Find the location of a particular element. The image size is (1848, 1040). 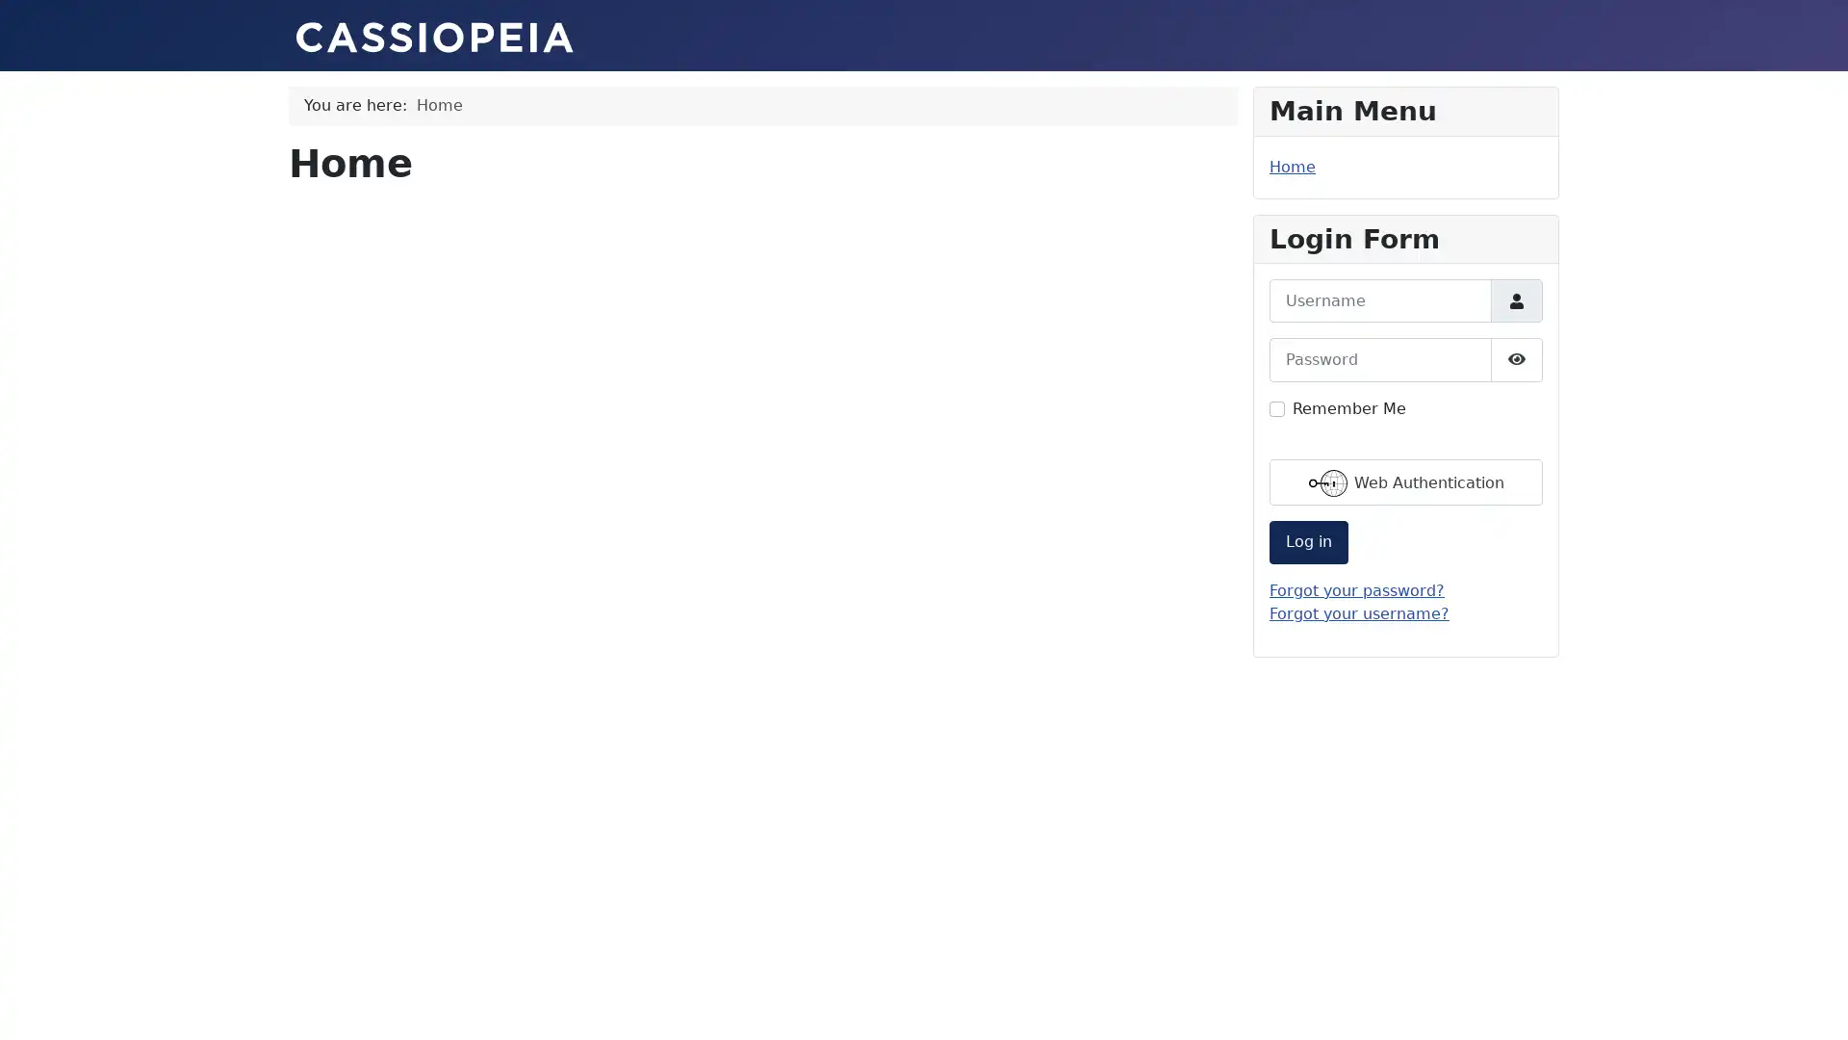

Show Password is located at coordinates (1515, 359).